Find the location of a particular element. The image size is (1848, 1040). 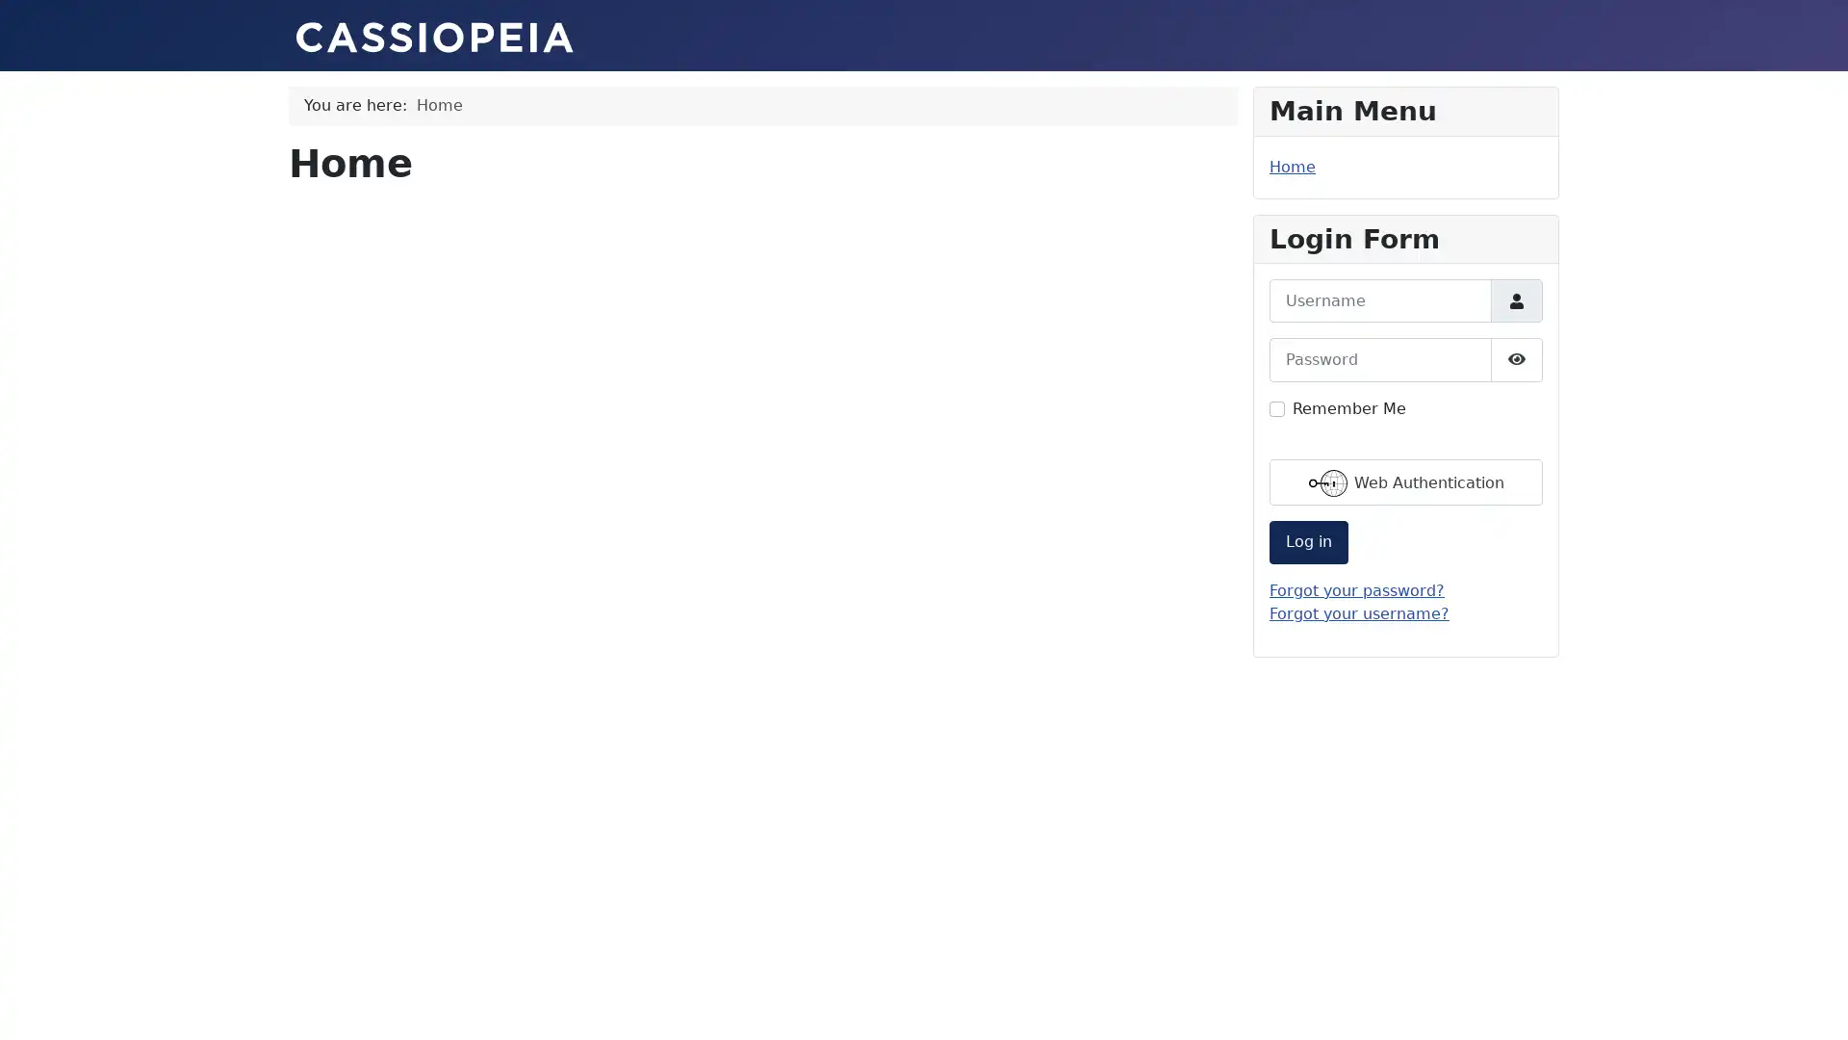

Show Password is located at coordinates (1515, 359).